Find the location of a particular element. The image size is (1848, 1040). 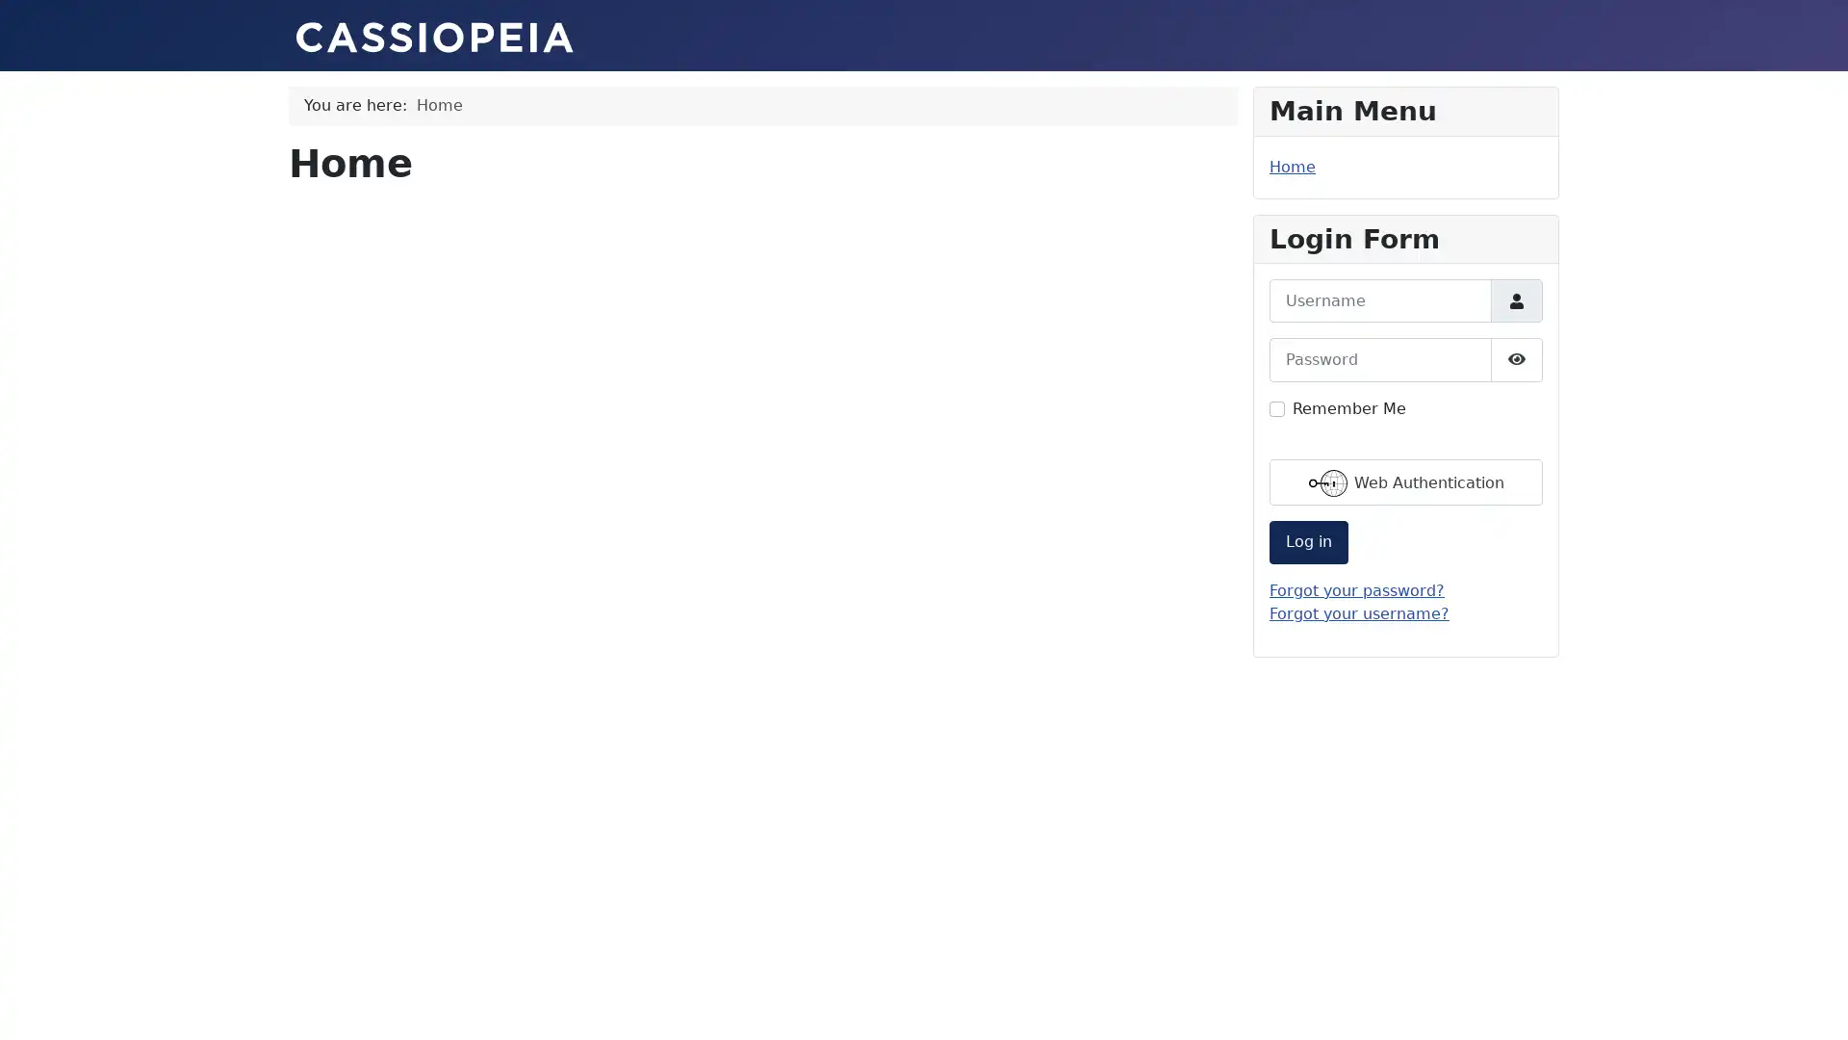

Show Password is located at coordinates (1515, 359).